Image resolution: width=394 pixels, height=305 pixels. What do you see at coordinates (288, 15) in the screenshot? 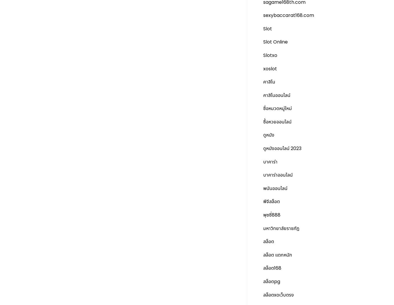
I see `'sexybaccarat168.com'` at bounding box center [288, 15].